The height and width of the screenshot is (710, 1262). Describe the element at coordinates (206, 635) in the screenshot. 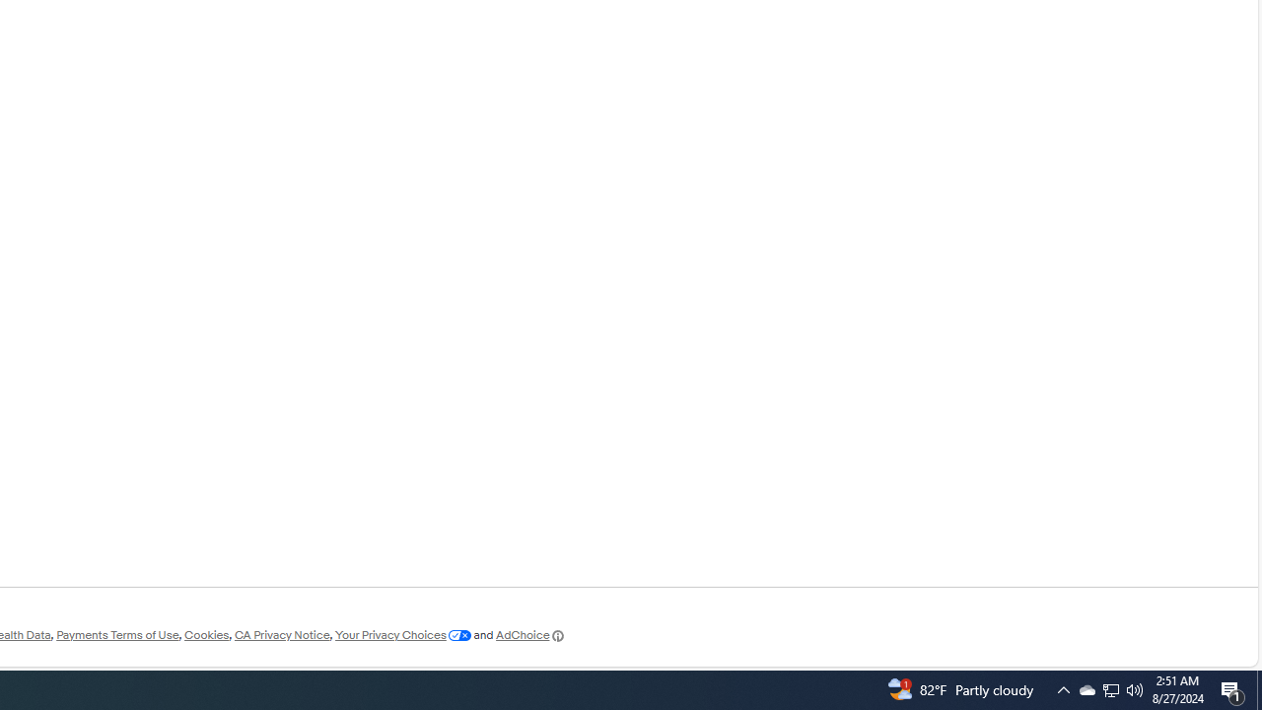

I see `'Cookies'` at that location.